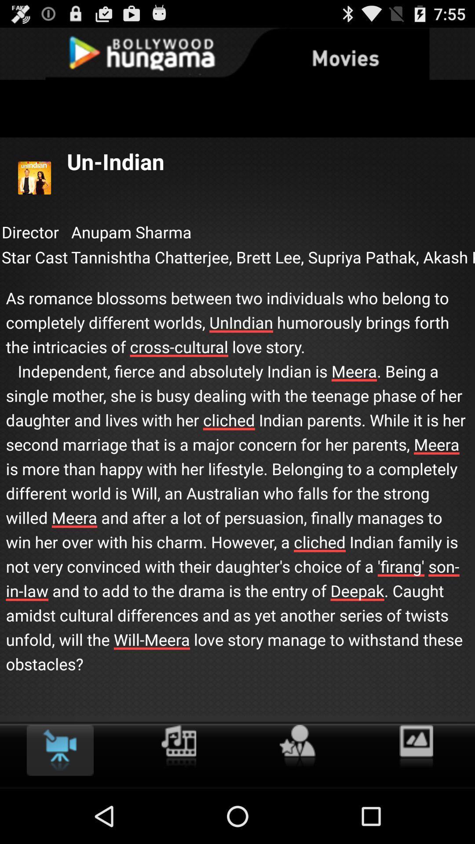  What do you see at coordinates (416, 746) in the screenshot?
I see `item at the bottom right corner` at bounding box center [416, 746].